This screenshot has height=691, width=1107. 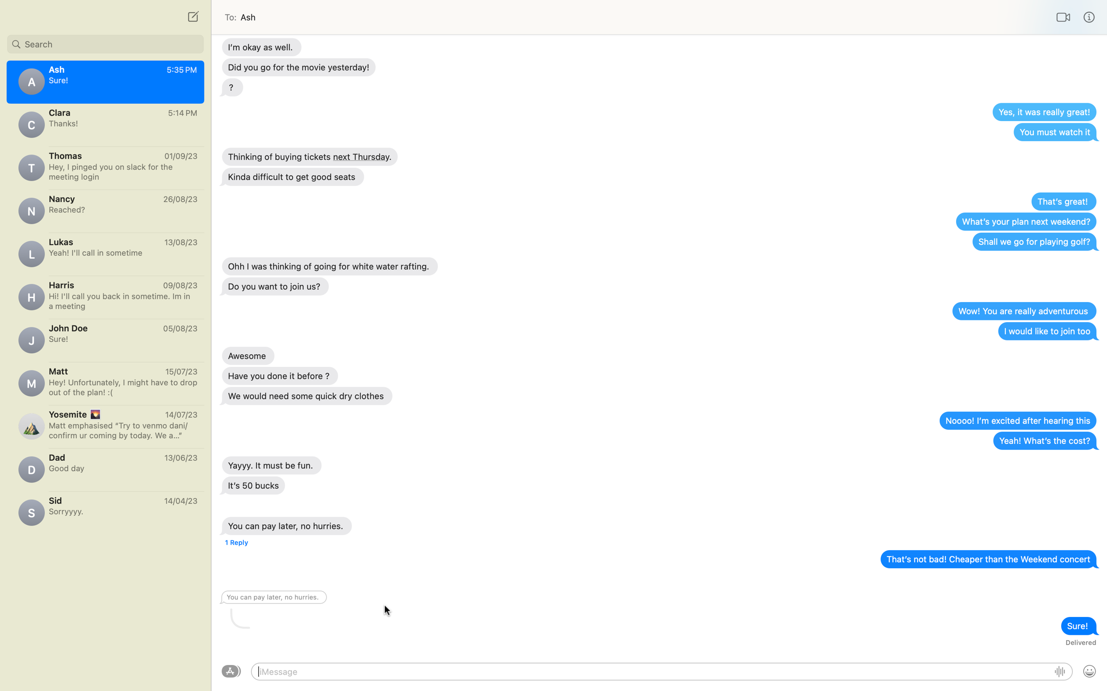 What do you see at coordinates (652, 671) in the screenshot?
I see `Wish Ash a "Good Afternoon"` at bounding box center [652, 671].